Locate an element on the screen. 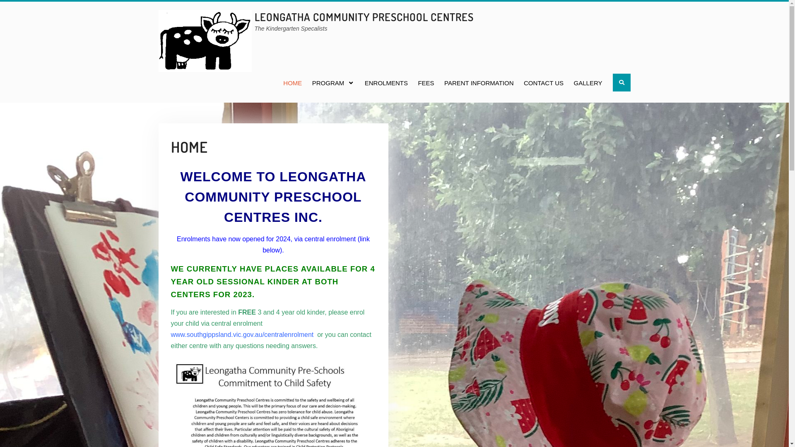  'ENROLMENTS' is located at coordinates (385, 83).